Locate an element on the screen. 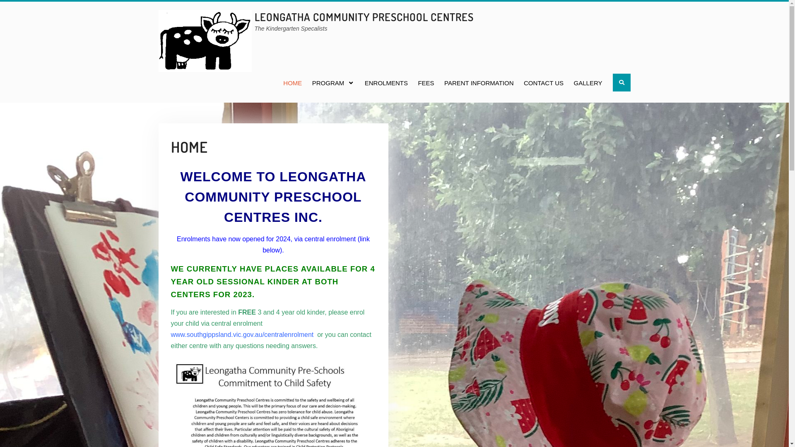  'ENROLMENTS' is located at coordinates (385, 83).